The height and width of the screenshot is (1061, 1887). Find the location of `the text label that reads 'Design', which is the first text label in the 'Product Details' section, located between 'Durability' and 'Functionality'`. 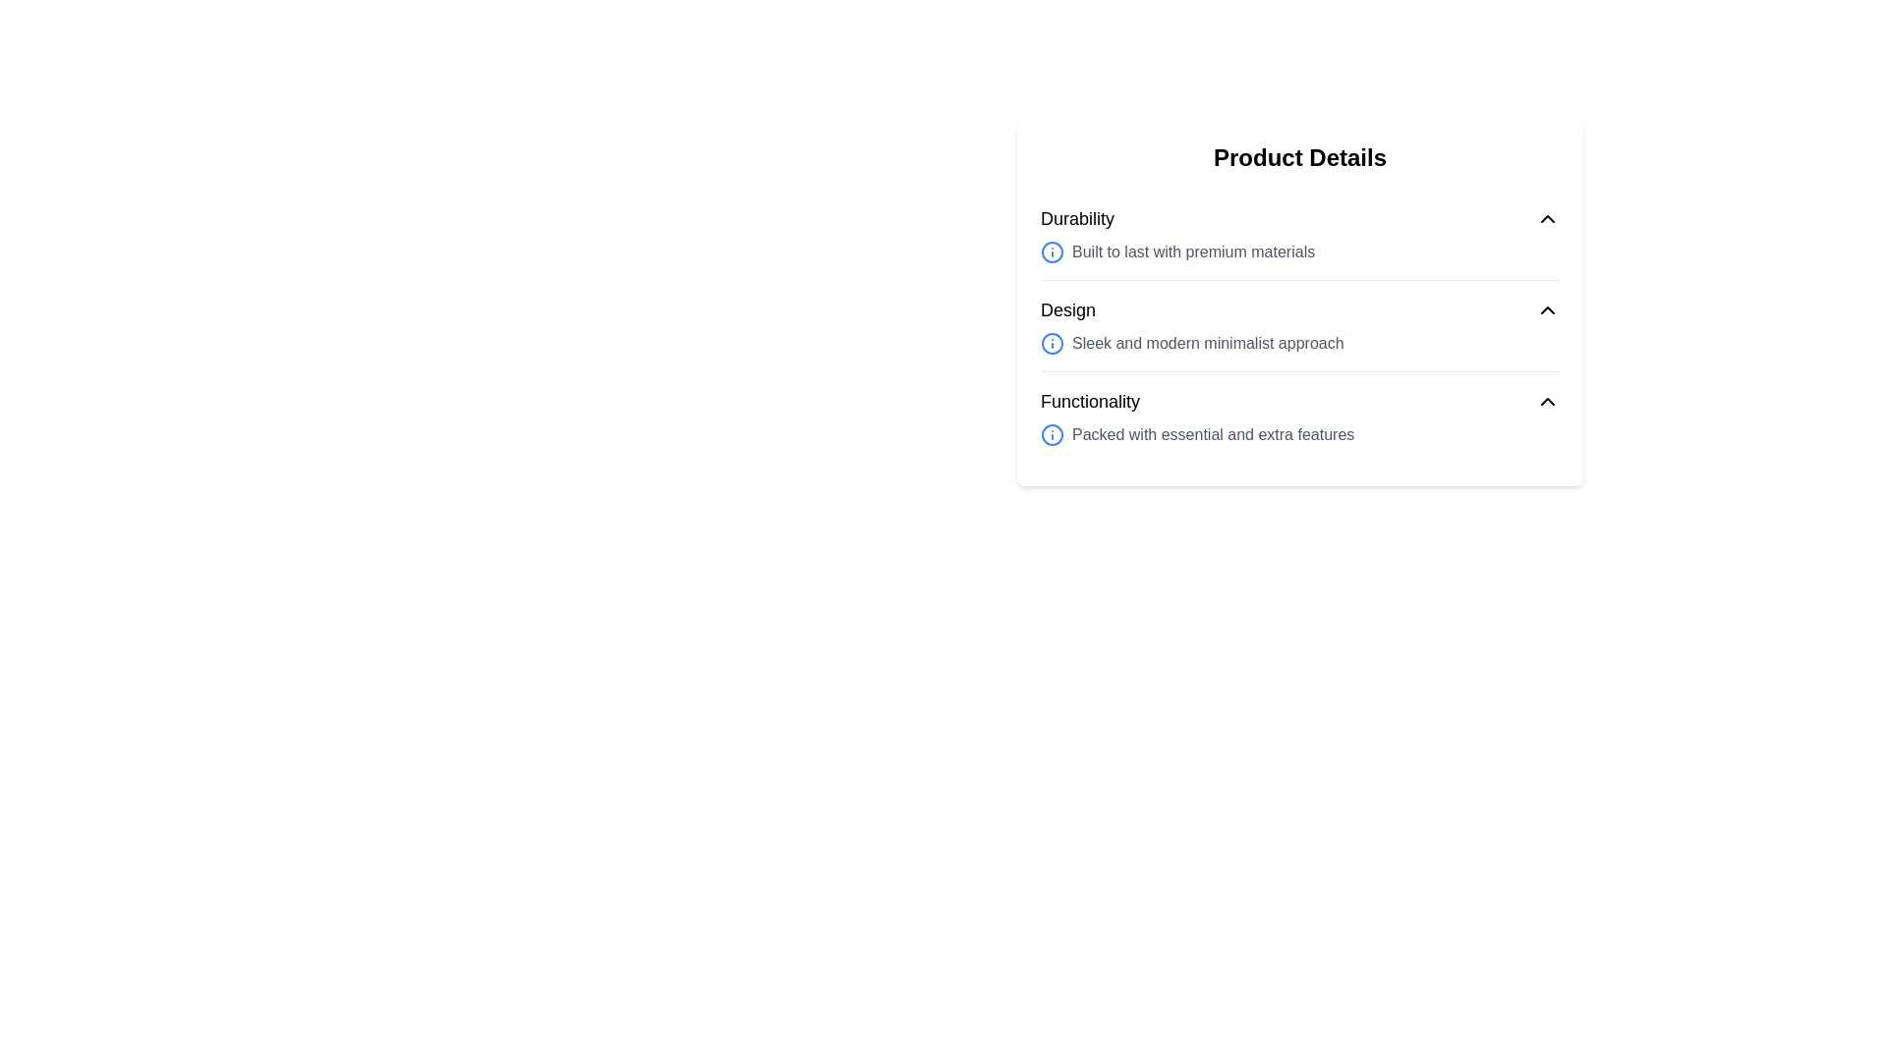

the text label that reads 'Design', which is the first text label in the 'Product Details' section, located between 'Durability' and 'Functionality' is located at coordinates (1067, 309).